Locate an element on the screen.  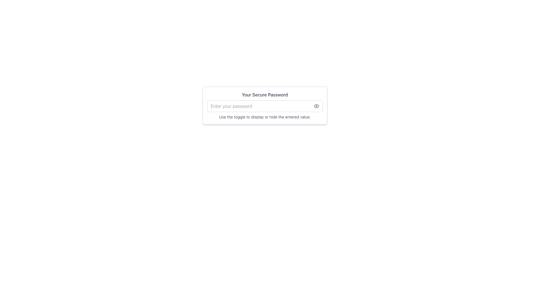
the eye-shaped icon located within the button at the right end of the password input field is located at coordinates (316, 106).